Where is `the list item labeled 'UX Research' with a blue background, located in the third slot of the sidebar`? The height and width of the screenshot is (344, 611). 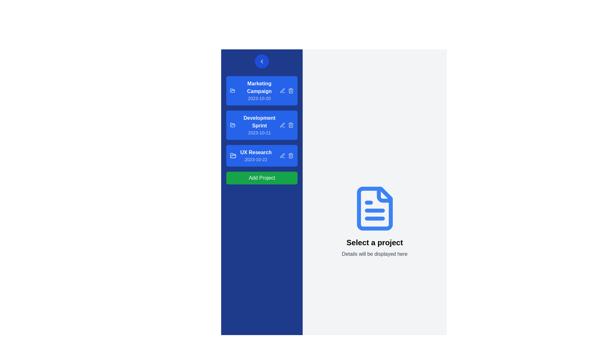 the list item labeled 'UX Research' with a blue background, located in the third slot of the sidebar is located at coordinates (262, 156).